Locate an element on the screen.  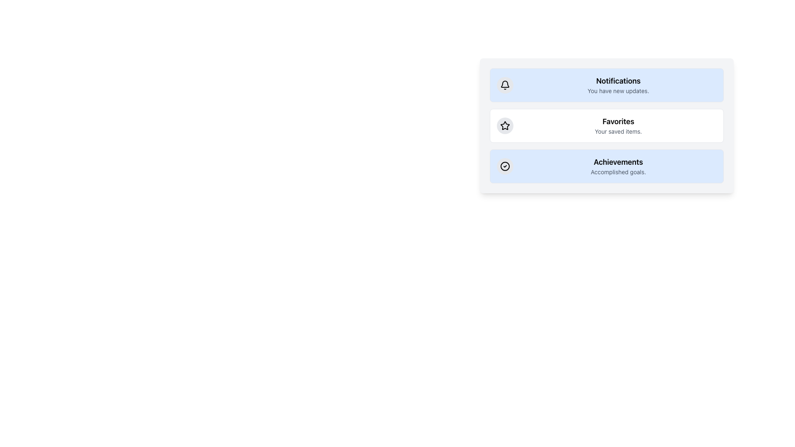
the confirmation icon located in the rightmost panel under the 'Achievements' section, aligned with the left edge of the text label is located at coordinates (504, 166).